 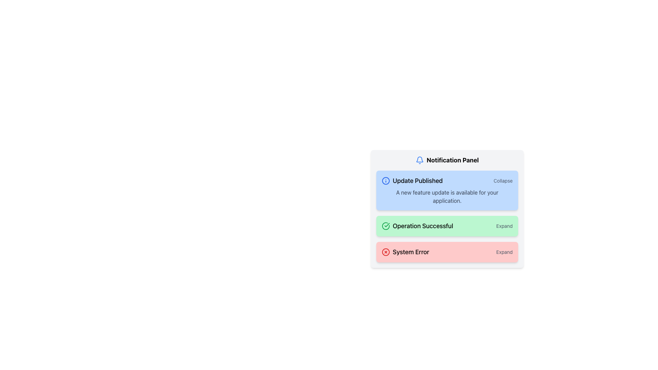 I want to click on the 'Collapse' button located in the top blue card of the Notification Panel, which changes color on hover, so click(x=503, y=181).